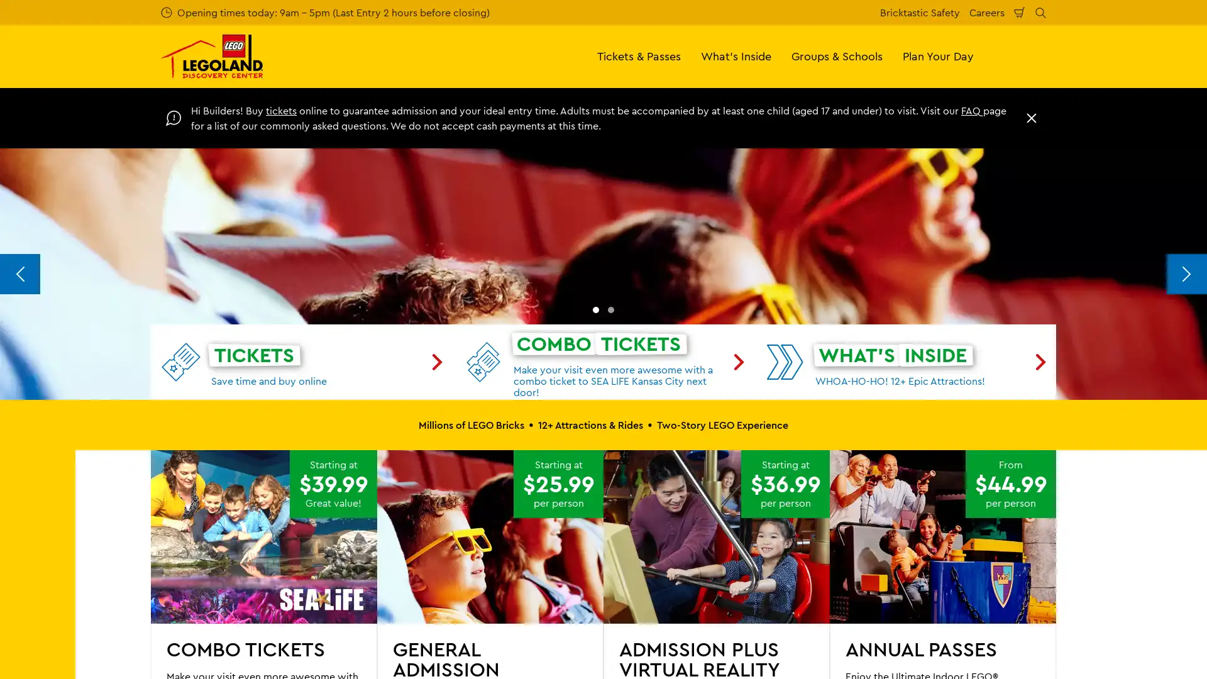 This screenshot has height=679, width=1207. What do you see at coordinates (837, 55) in the screenshot?
I see `Groups & Schools` at bounding box center [837, 55].